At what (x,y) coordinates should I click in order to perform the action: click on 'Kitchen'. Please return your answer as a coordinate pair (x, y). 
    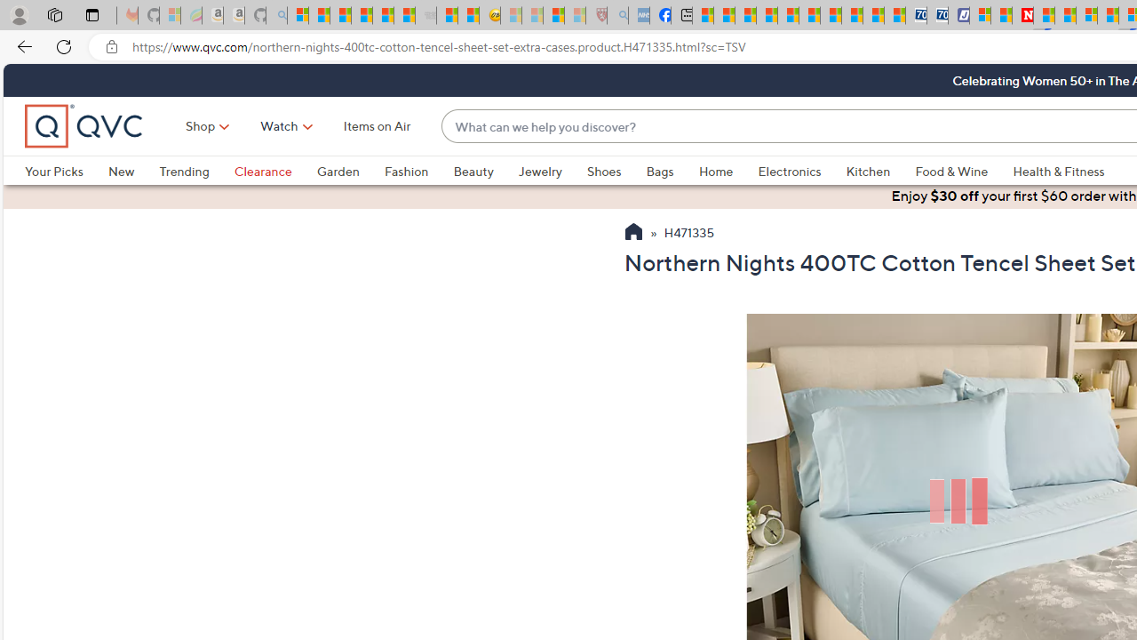
    Looking at the image, I should click on (868, 171).